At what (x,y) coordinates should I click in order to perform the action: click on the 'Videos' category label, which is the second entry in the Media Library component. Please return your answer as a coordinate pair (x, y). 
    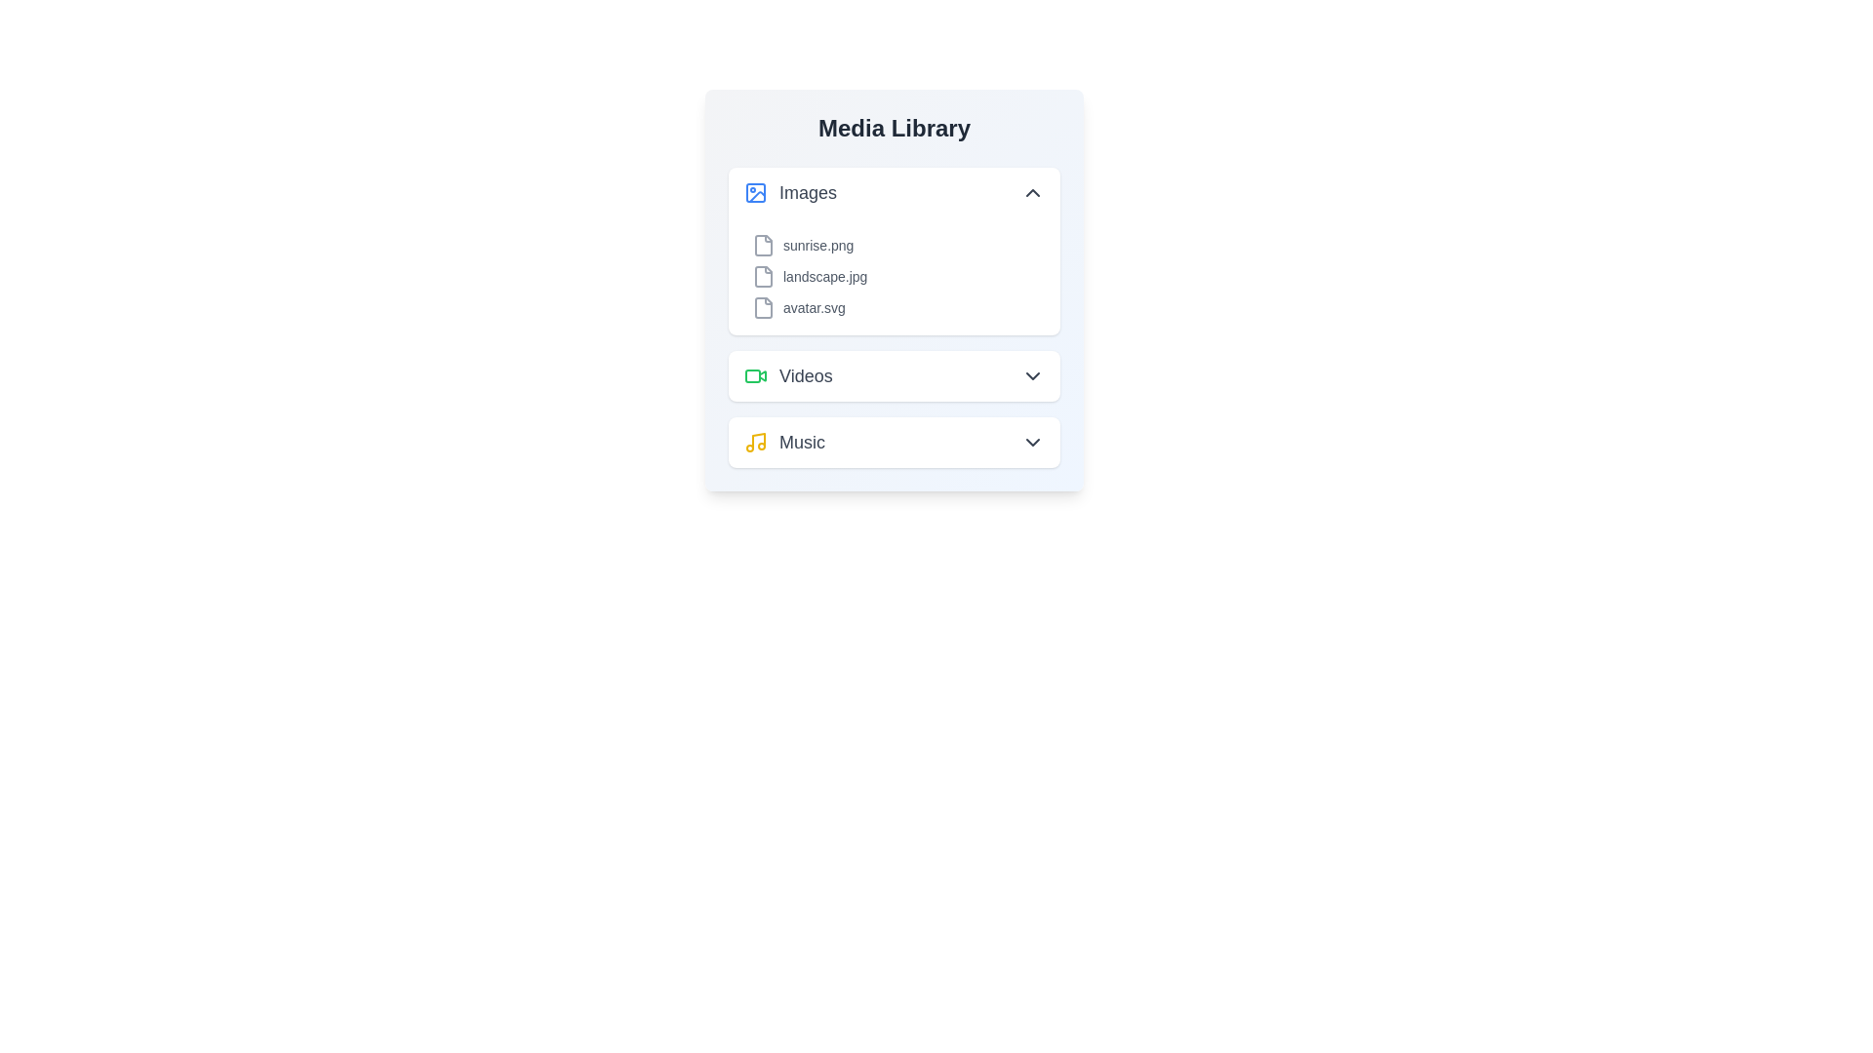
    Looking at the image, I should click on (788, 375).